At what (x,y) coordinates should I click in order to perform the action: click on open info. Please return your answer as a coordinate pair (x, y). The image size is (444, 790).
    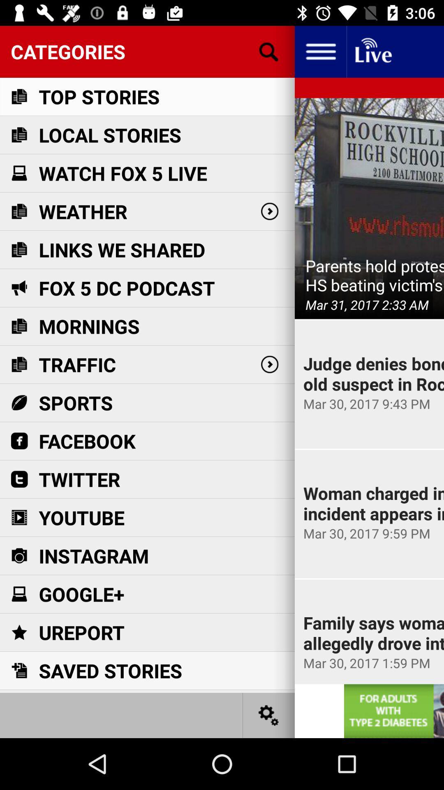
    Looking at the image, I should click on (320, 51).